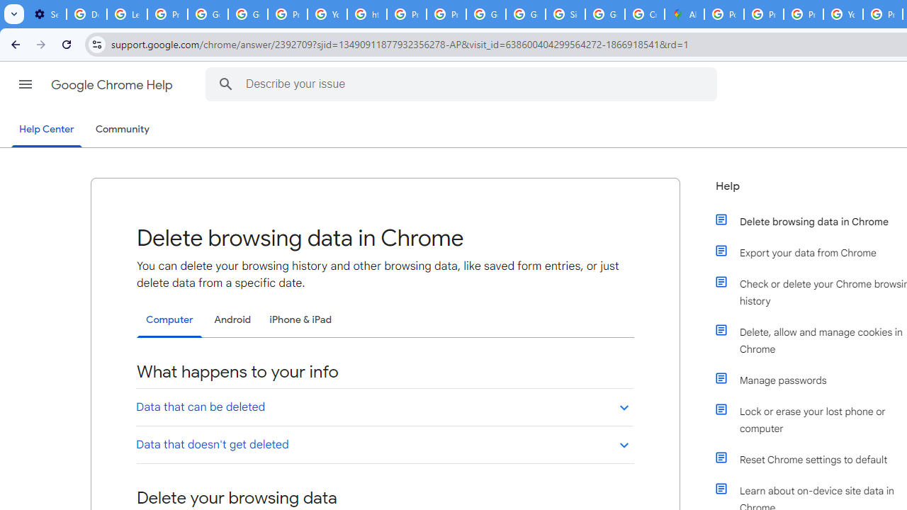  I want to click on 'https://scholar.google.com/', so click(367, 14).